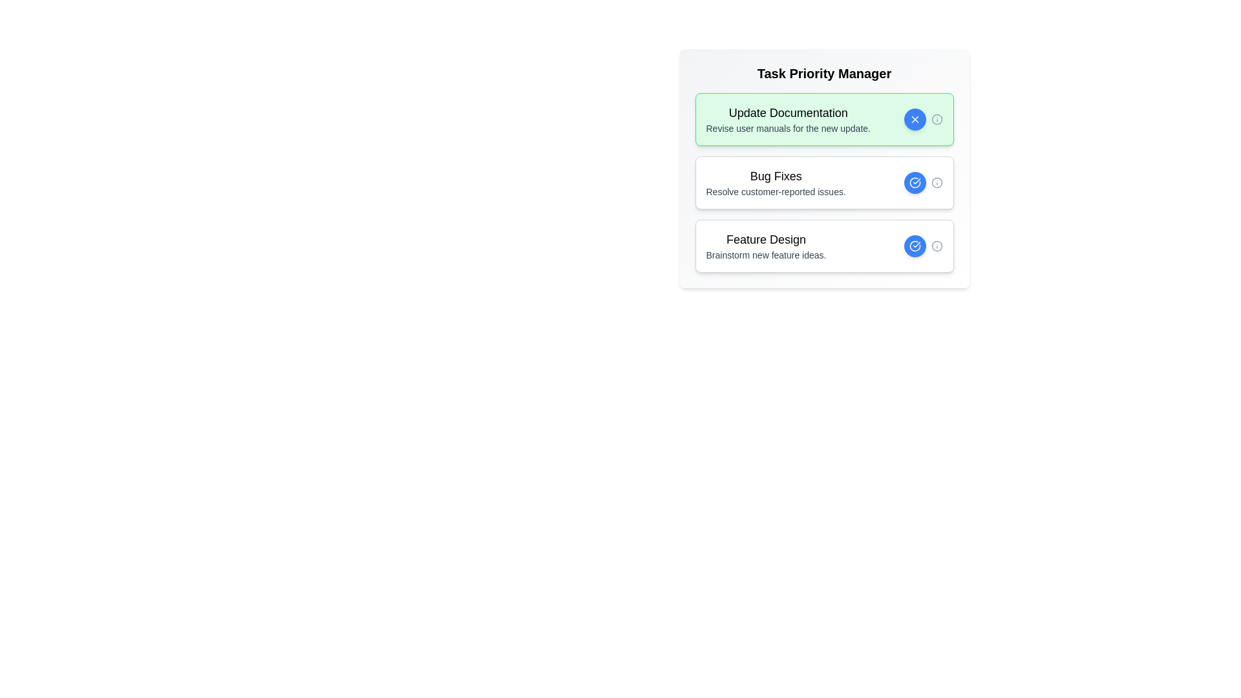 This screenshot has width=1241, height=698. What do you see at coordinates (937, 120) in the screenshot?
I see `the info icon for the task titled 'Update Documentation' to view additional information` at bounding box center [937, 120].